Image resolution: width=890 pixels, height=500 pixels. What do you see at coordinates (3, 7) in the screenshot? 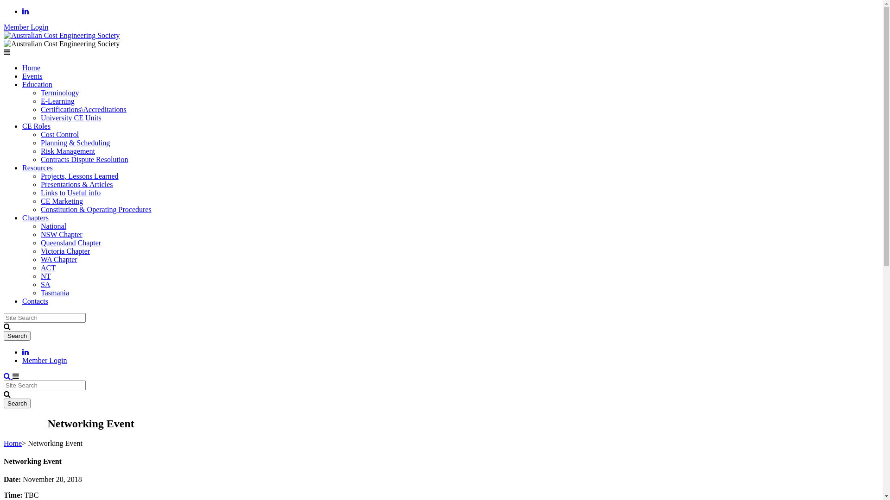
I see `'Skip to content'` at bounding box center [3, 7].